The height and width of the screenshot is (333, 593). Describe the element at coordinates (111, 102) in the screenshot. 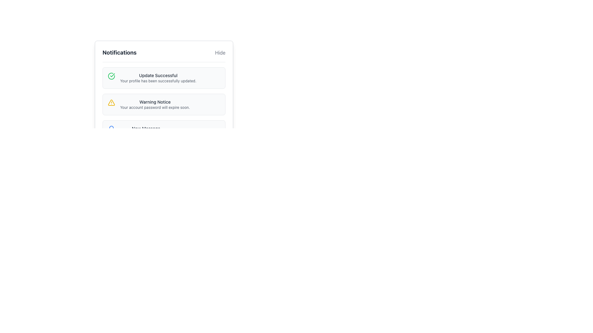

I see `the yellow triangular warning icon with a bold outline and an exclamation symbol inside, located at the start of the 'Warning Notice' notification` at that location.